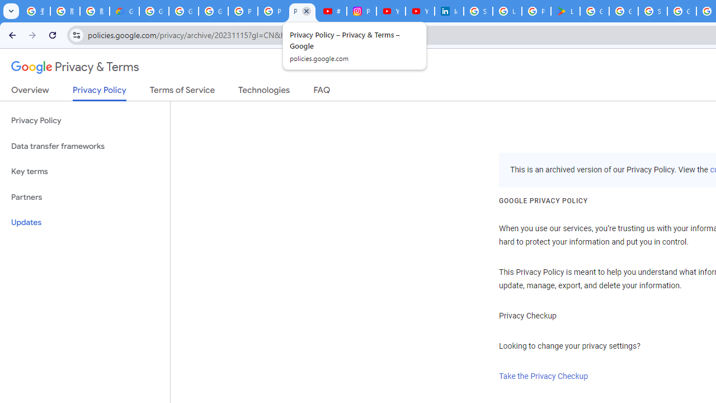  Describe the element at coordinates (390, 11) in the screenshot. I see `'YouTube Culture & Trends - On The Rise: Handcam Videos'` at that location.